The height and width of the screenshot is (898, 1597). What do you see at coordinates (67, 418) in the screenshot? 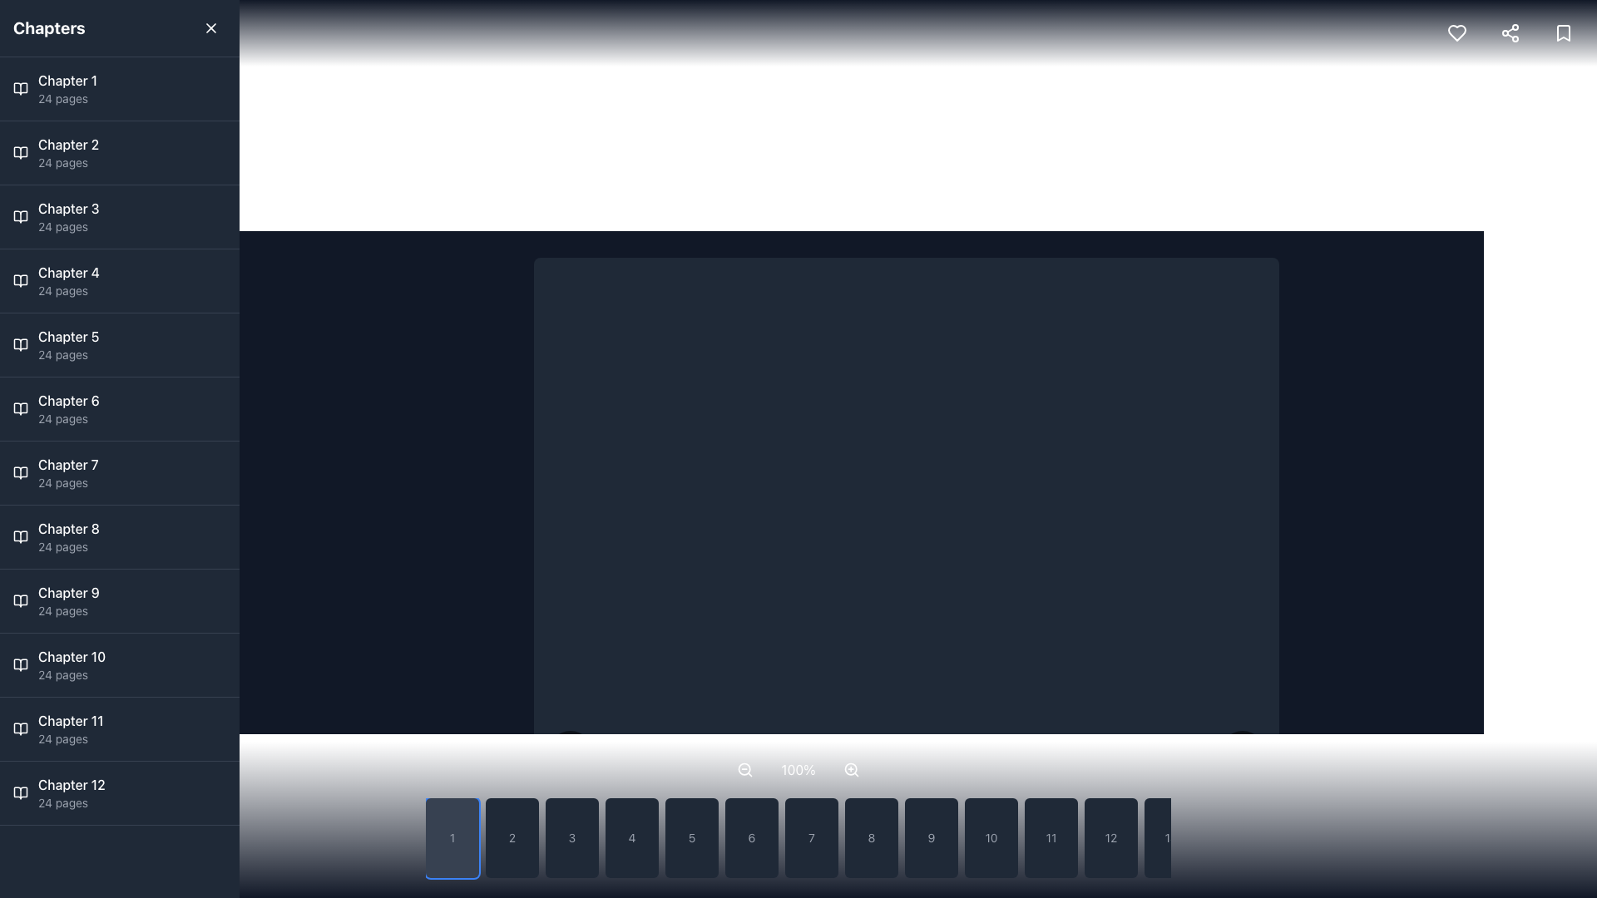
I see `the non-interactive text label indicating the number of pages in 'Chapter 6', which is positioned in the sidebar, second line beneath the chapter title` at bounding box center [67, 418].